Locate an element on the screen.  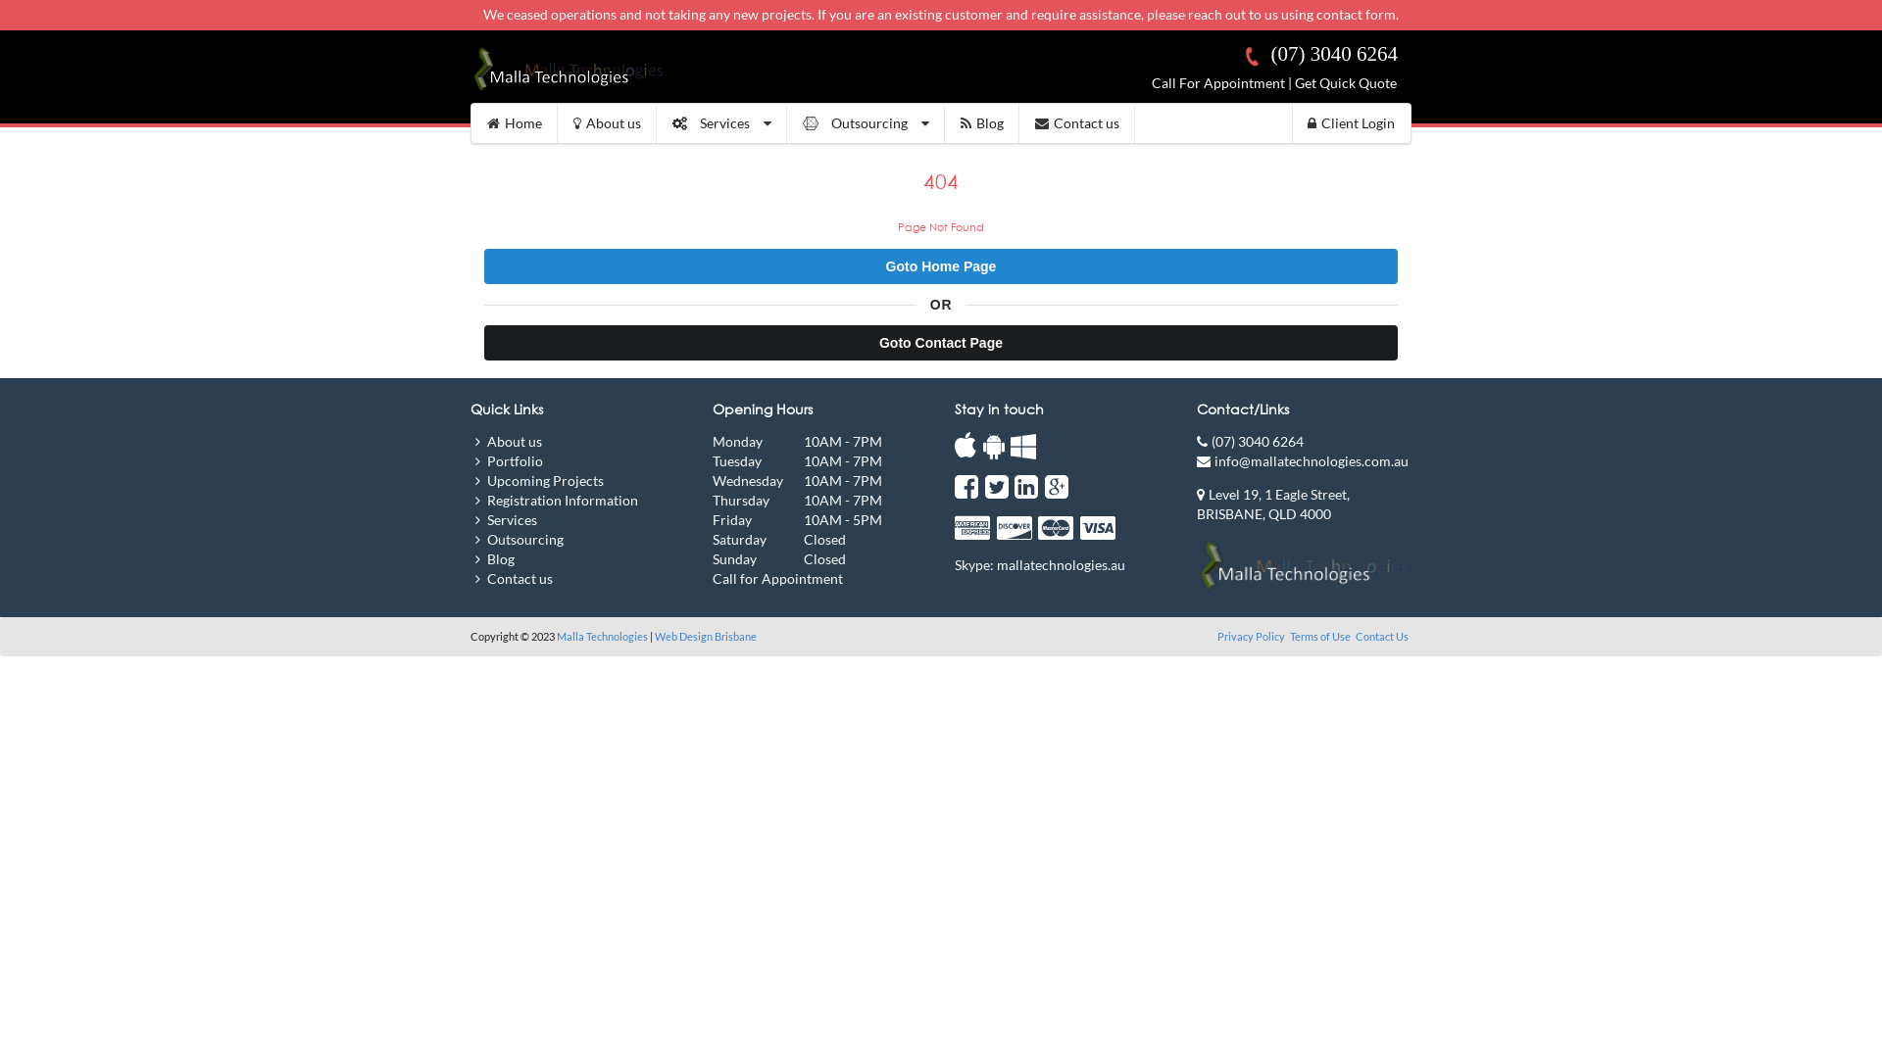
'Malla Technologies' is located at coordinates (601, 636).